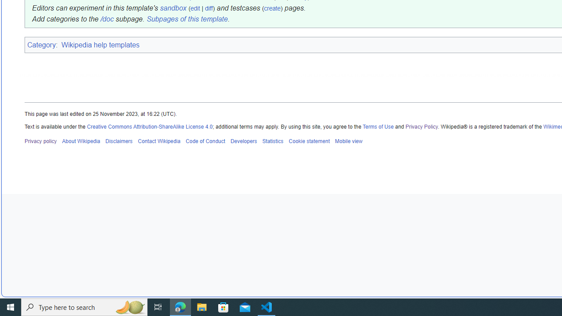  I want to click on 'Terms of Use', so click(378, 126).